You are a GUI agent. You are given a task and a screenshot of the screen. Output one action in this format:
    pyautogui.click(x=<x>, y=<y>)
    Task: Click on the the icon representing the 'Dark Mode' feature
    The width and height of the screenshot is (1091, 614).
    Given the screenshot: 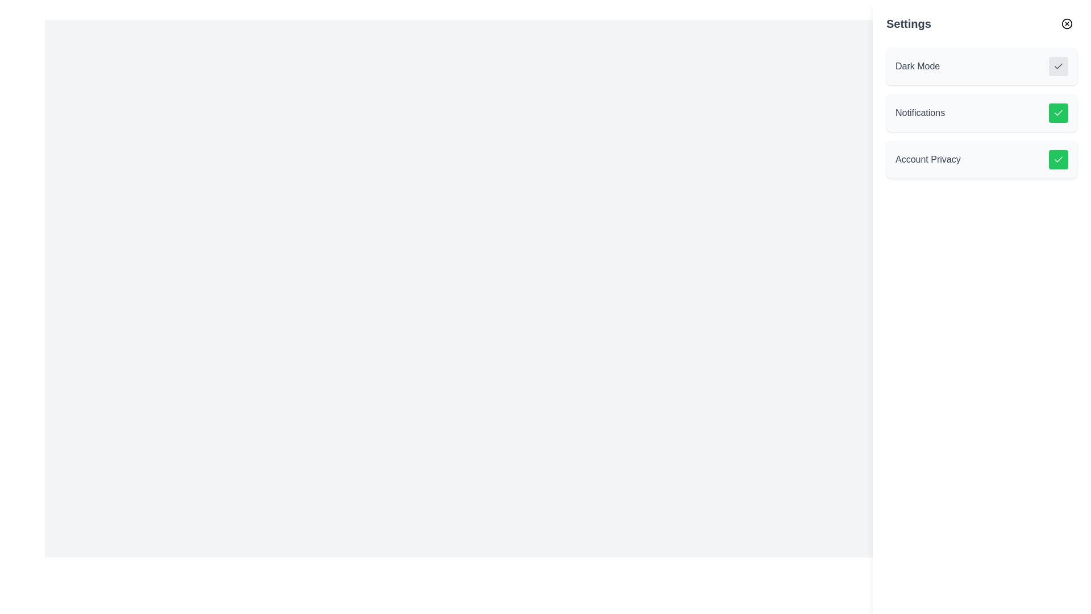 What is the action you would take?
    pyautogui.click(x=1057, y=66)
    